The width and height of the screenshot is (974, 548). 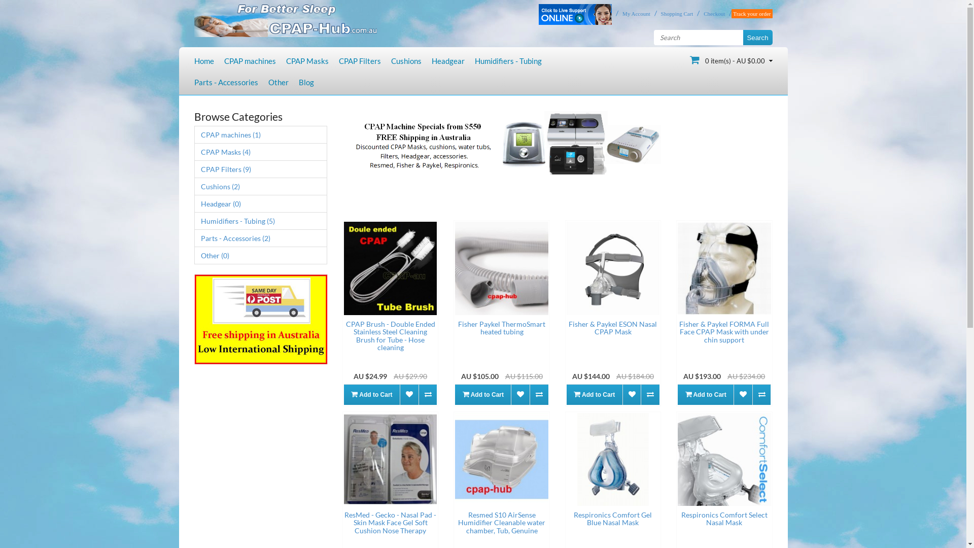 What do you see at coordinates (675, 14) in the screenshot?
I see `'Shopping Cart'` at bounding box center [675, 14].